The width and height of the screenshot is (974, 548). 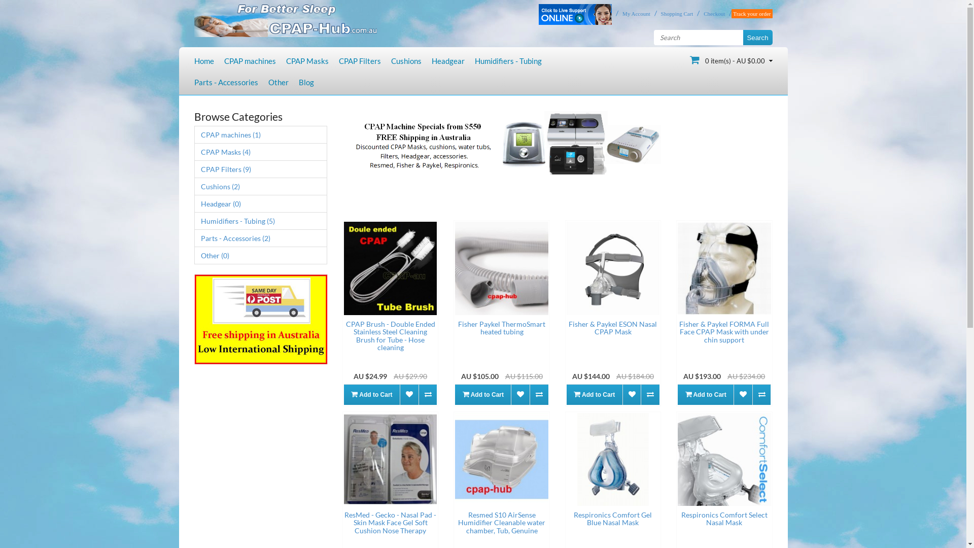 What do you see at coordinates (675, 14) in the screenshot?
I see `'Shopping Cart'` at bounding box center [675, 14].